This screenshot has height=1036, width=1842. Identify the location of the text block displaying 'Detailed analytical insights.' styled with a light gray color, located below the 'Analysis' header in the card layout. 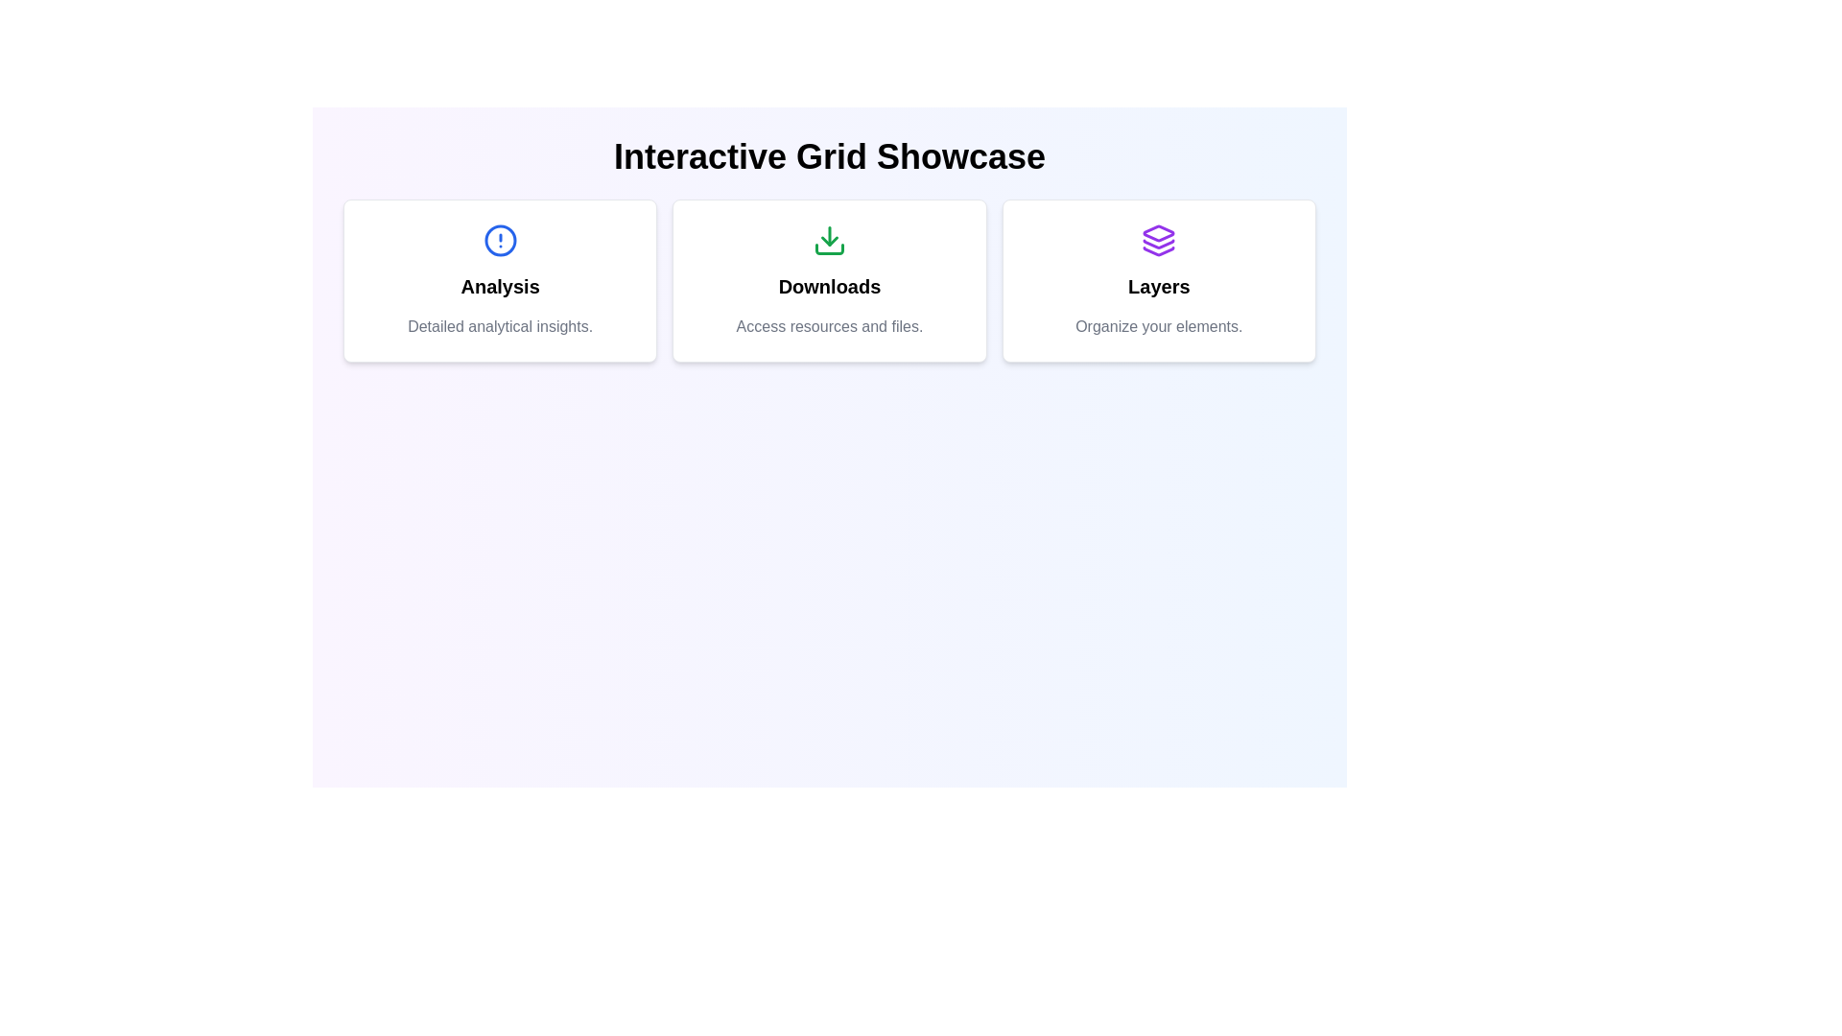
(500, 325).